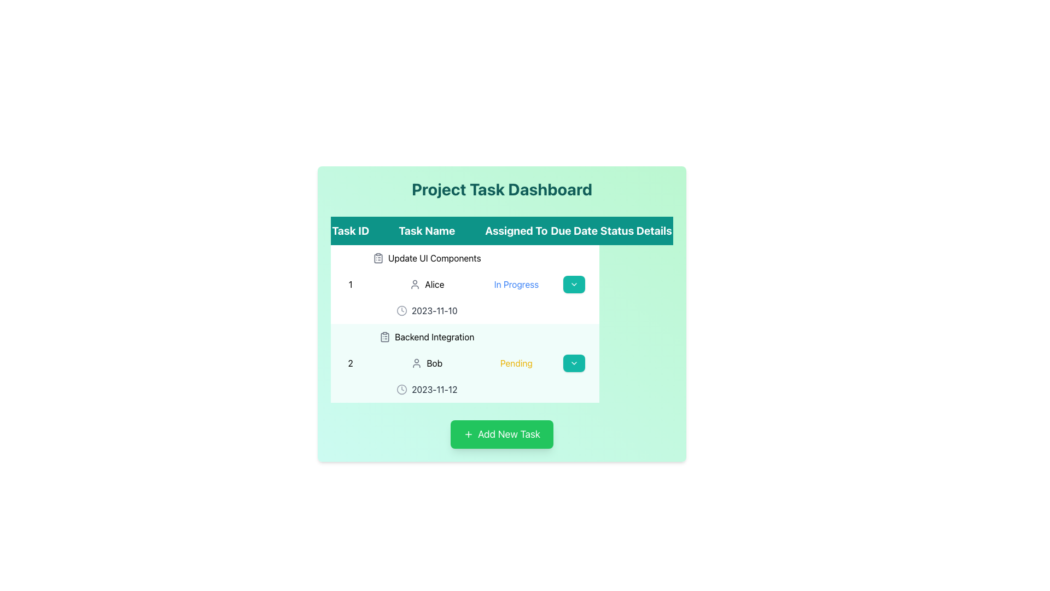 This screenshot has width=1050, height=591. What do you see at coordinates (378, 258) in the screenshot?
I see `the clipboard icon with a list, located in the 'Update UI Components' row of the task dashboard, to the left of the task name text` at bounding box center [378, 258].